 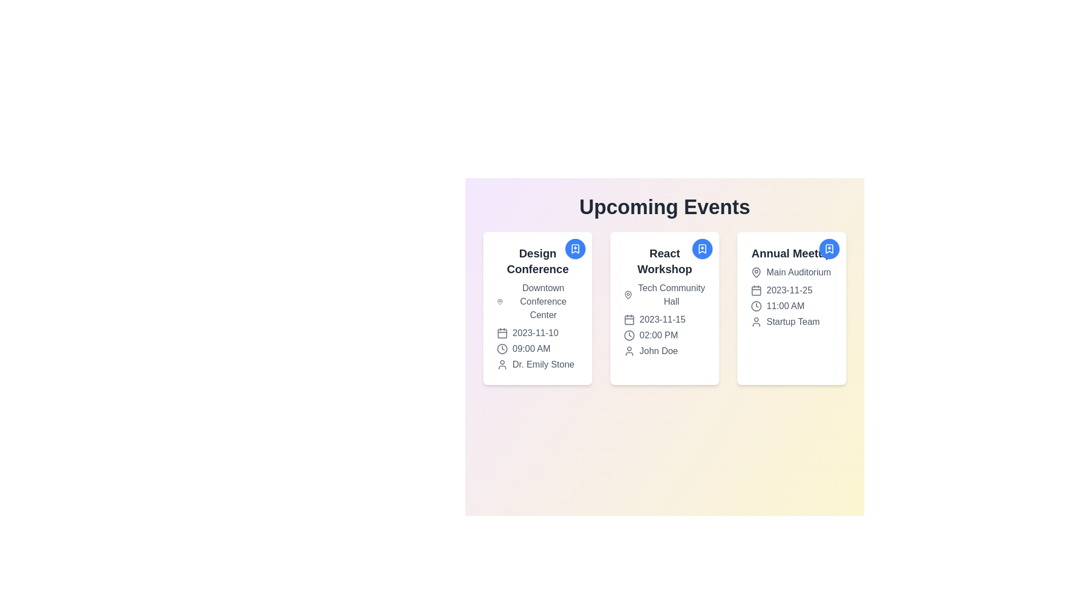 What do you see at coordinates (756, 289) in the screenshot?
I see `the calendar icon located in the left part of the 'Annual Meeting' event details within the third event card of the 'Upcoming Events' section` at bounding box center [756, 289].